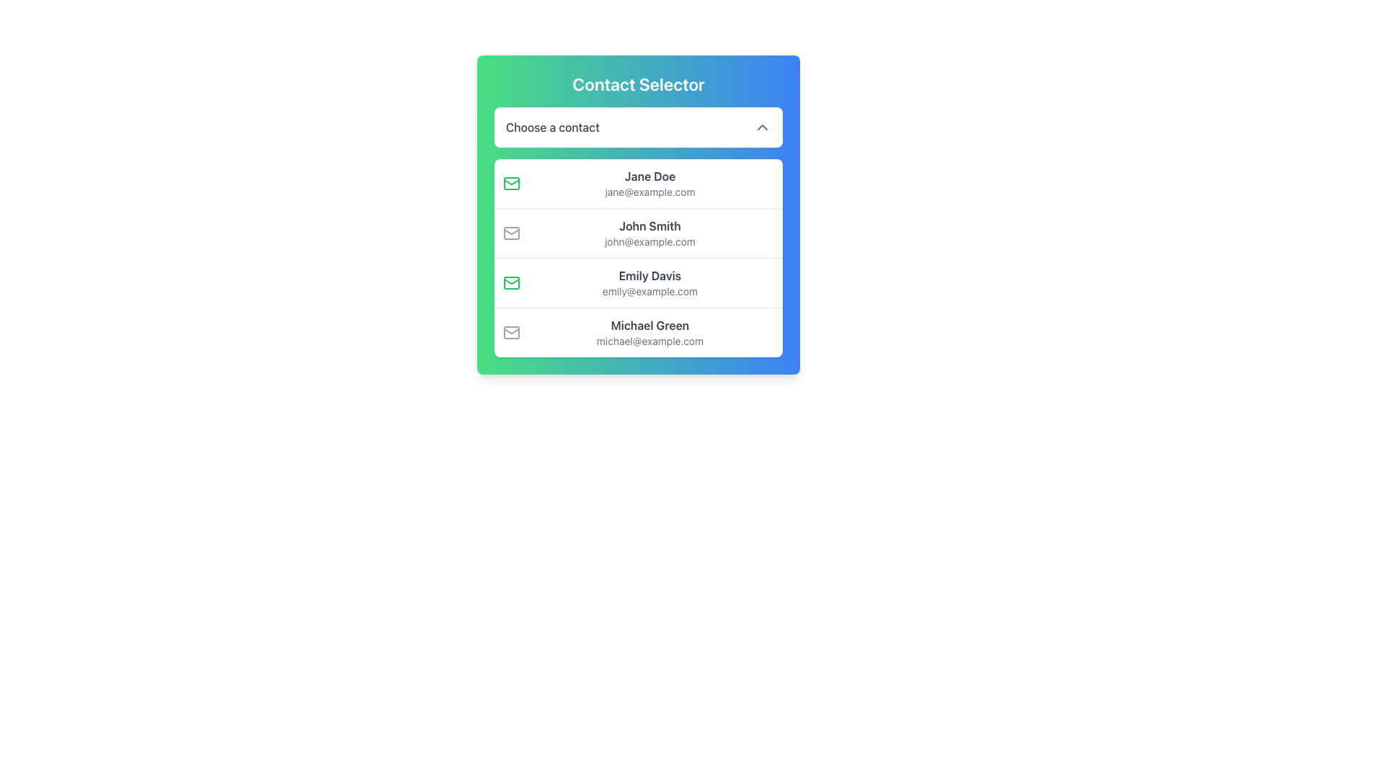 This screenshot has height=778, width=1384. I want to click on the selectable contact entry for 'Michael Green', the fourth item in the list, so click(638, 332).